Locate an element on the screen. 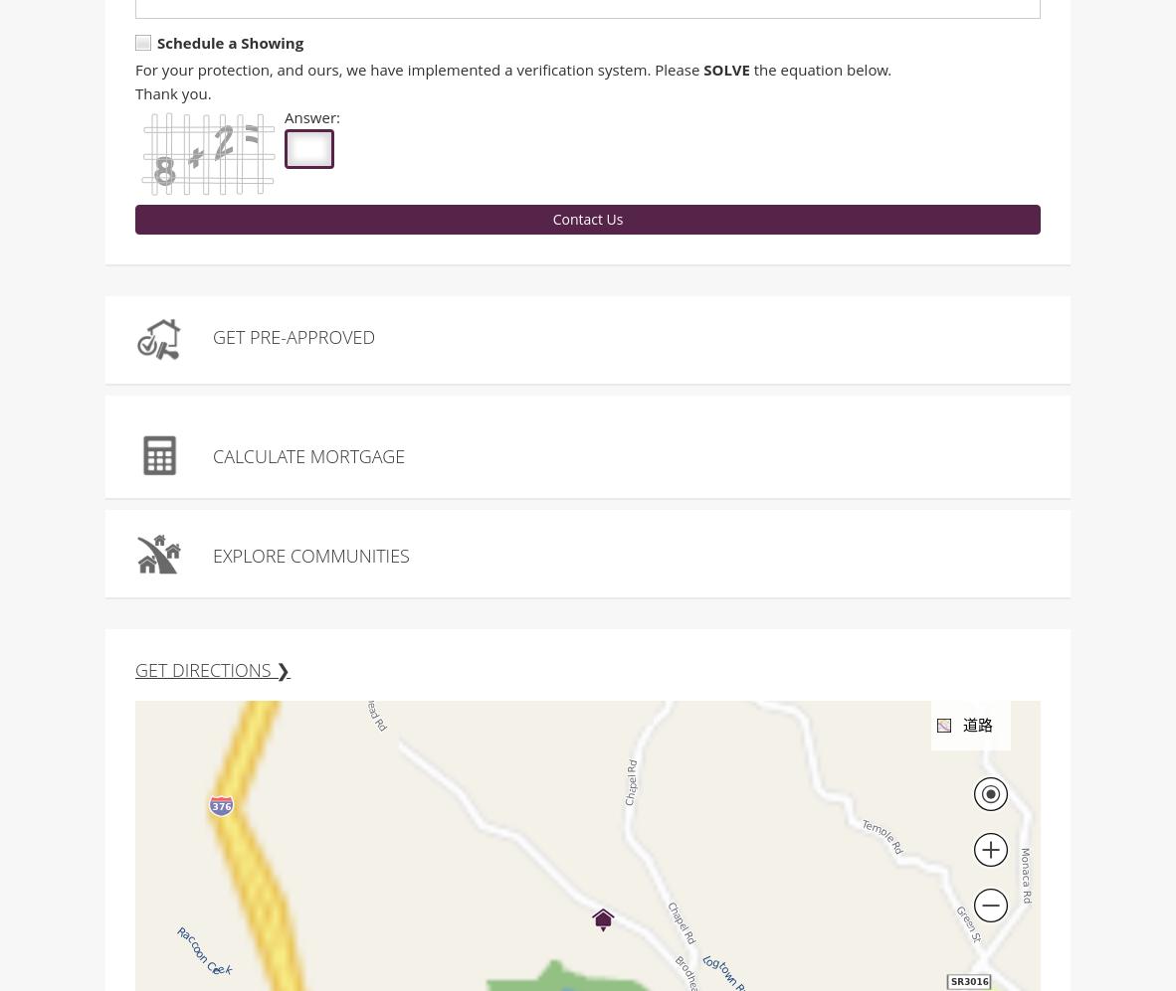 Image resolution: width=1176 pixels, height=991 pixels. 'Get Pre-Approved' is located at coordinates (211, 338).